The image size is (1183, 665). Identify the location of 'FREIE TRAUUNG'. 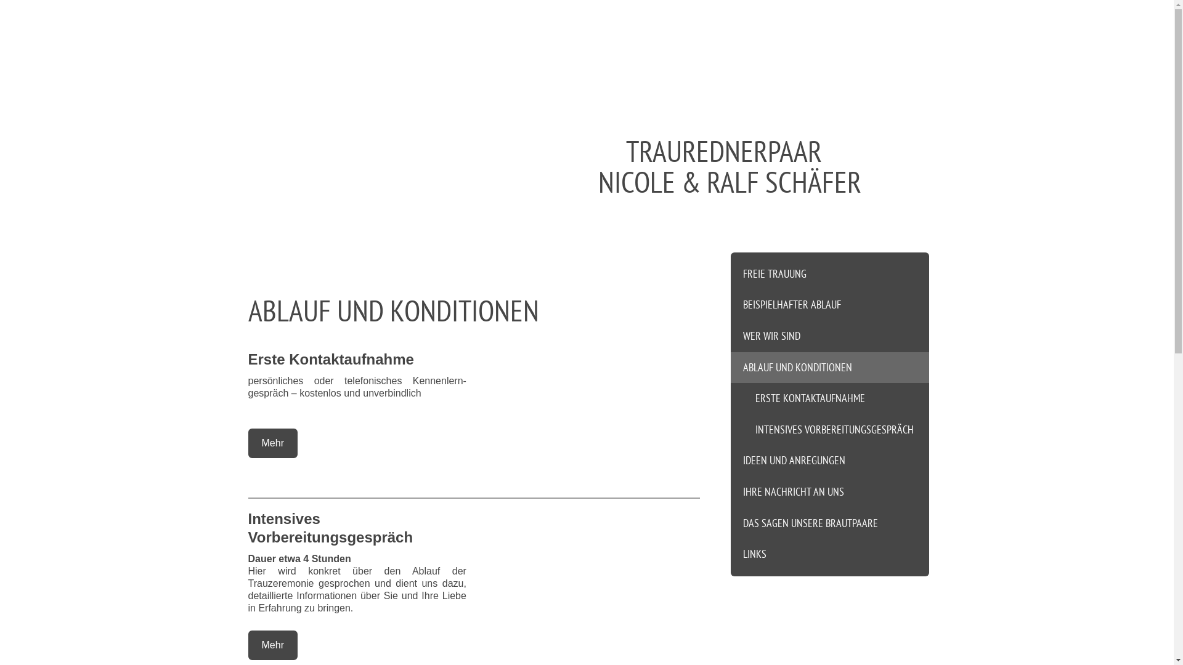
(830, 270).